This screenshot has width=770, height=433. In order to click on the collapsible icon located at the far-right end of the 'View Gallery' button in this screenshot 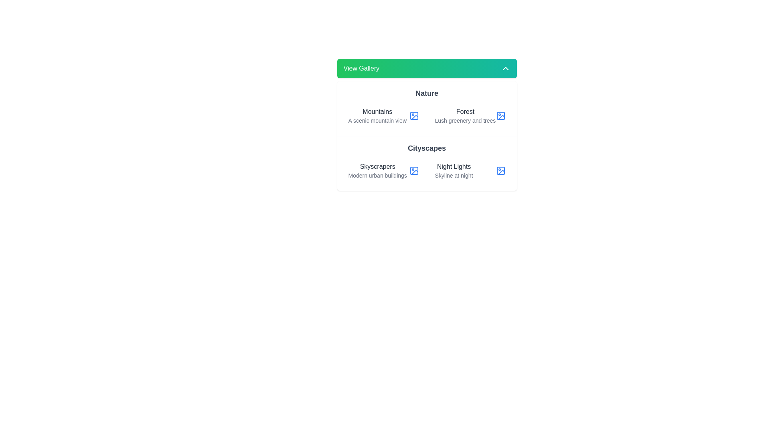, I will do `click(505, 68)`.